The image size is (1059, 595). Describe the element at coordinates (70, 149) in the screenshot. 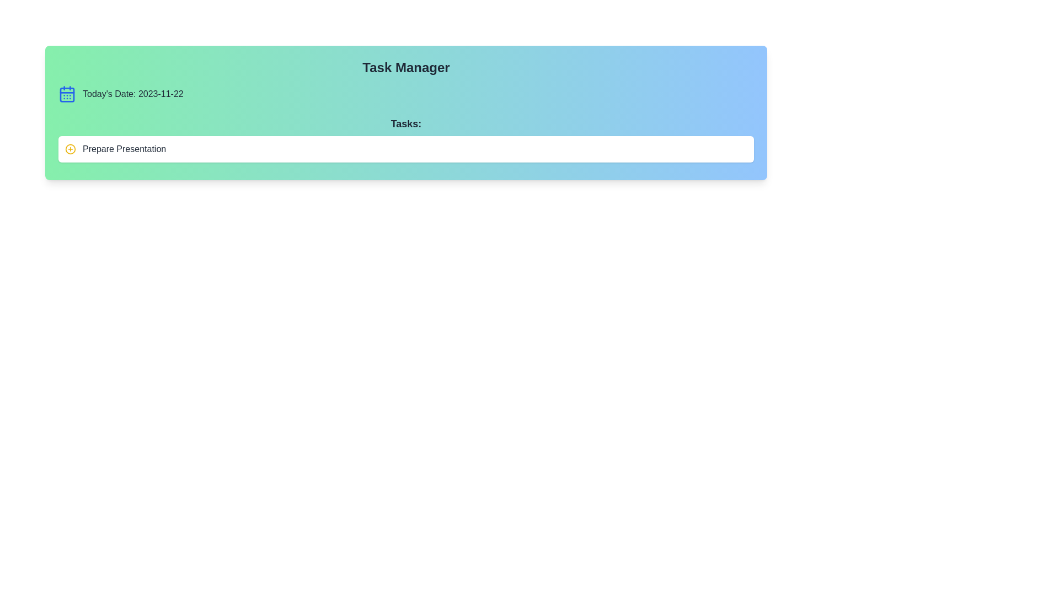

I see `the circular icon with a yellow outline and a plus symbol, located next to the 'Prepare Presentation' text for additional information` at that location.